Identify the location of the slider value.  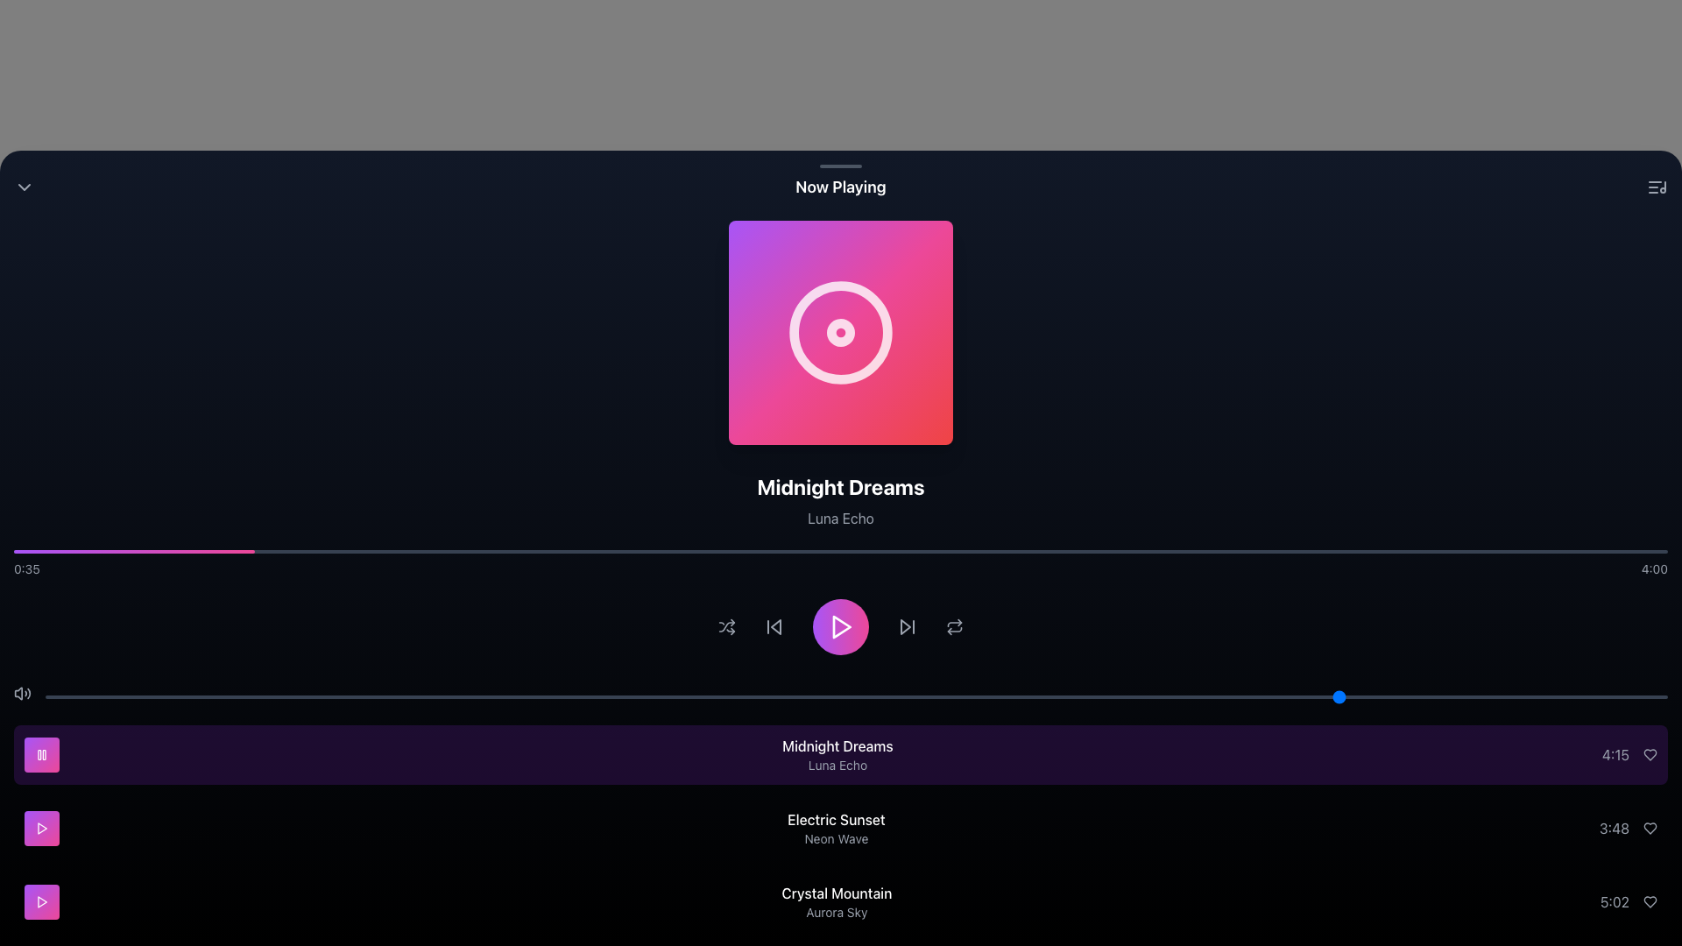
(807, 695).